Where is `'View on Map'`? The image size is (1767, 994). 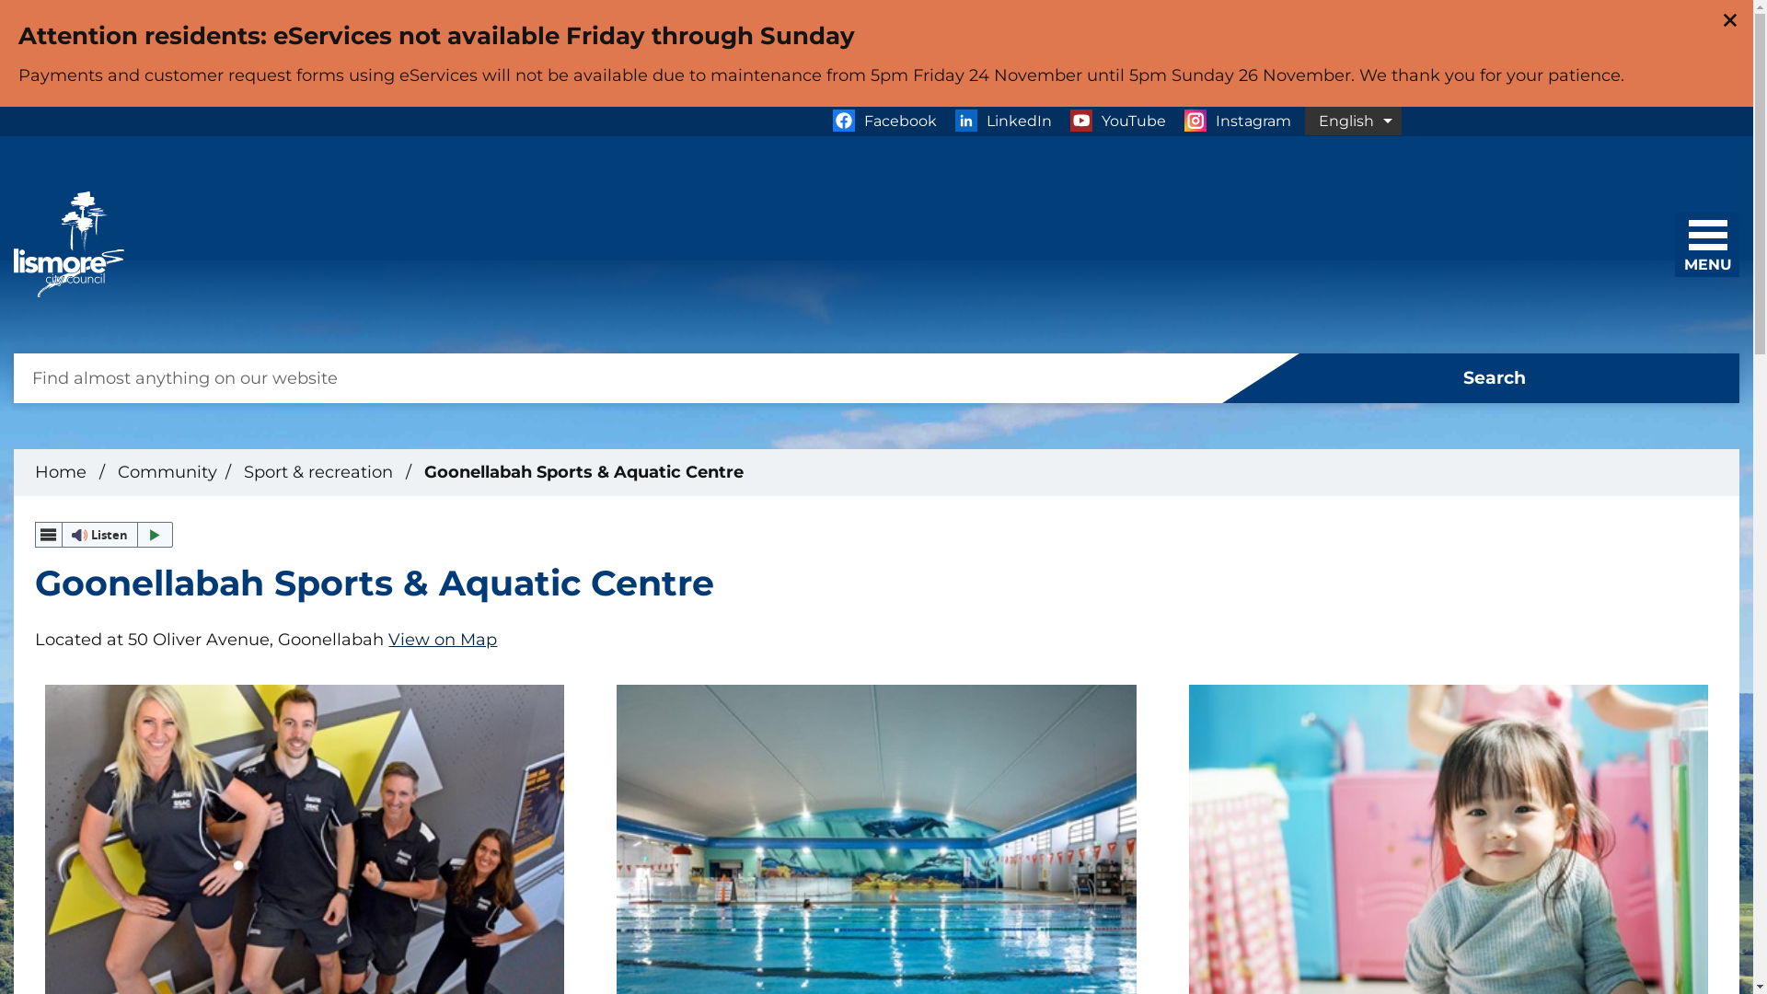 'View on Map' is located at coordinates (442, 638).